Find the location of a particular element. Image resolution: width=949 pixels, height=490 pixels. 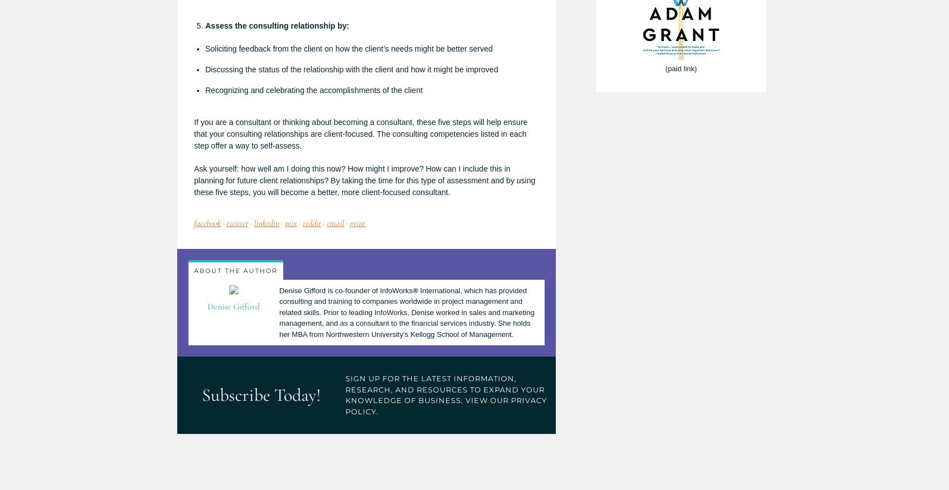

'SIgn Up for the latest information, research, and resources to expand your knowledge of business.' is located at coordinates (445, 389).